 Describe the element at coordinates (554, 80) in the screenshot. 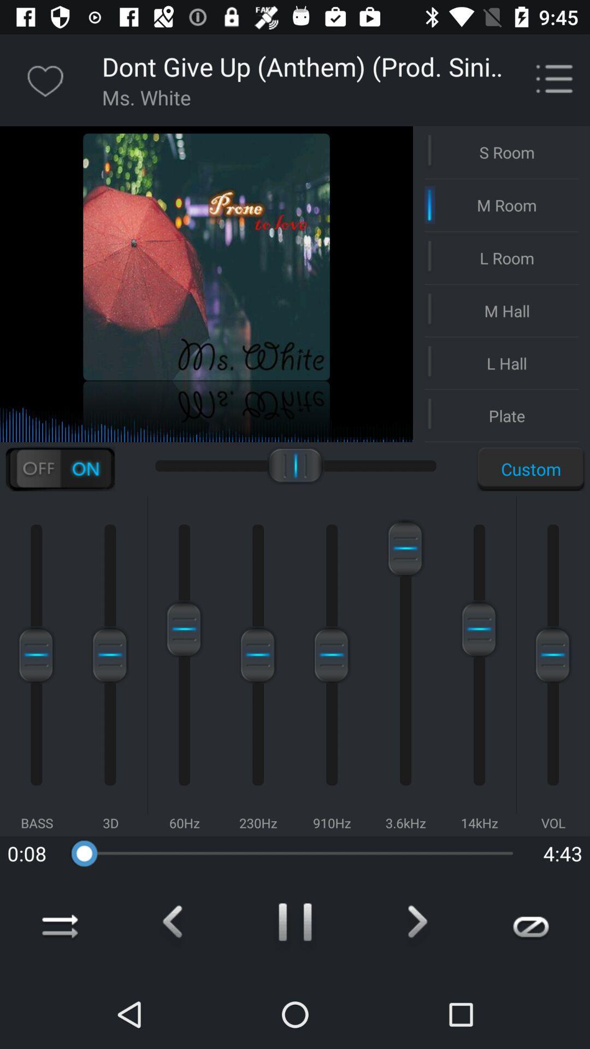

I see `the list icon` at that location.